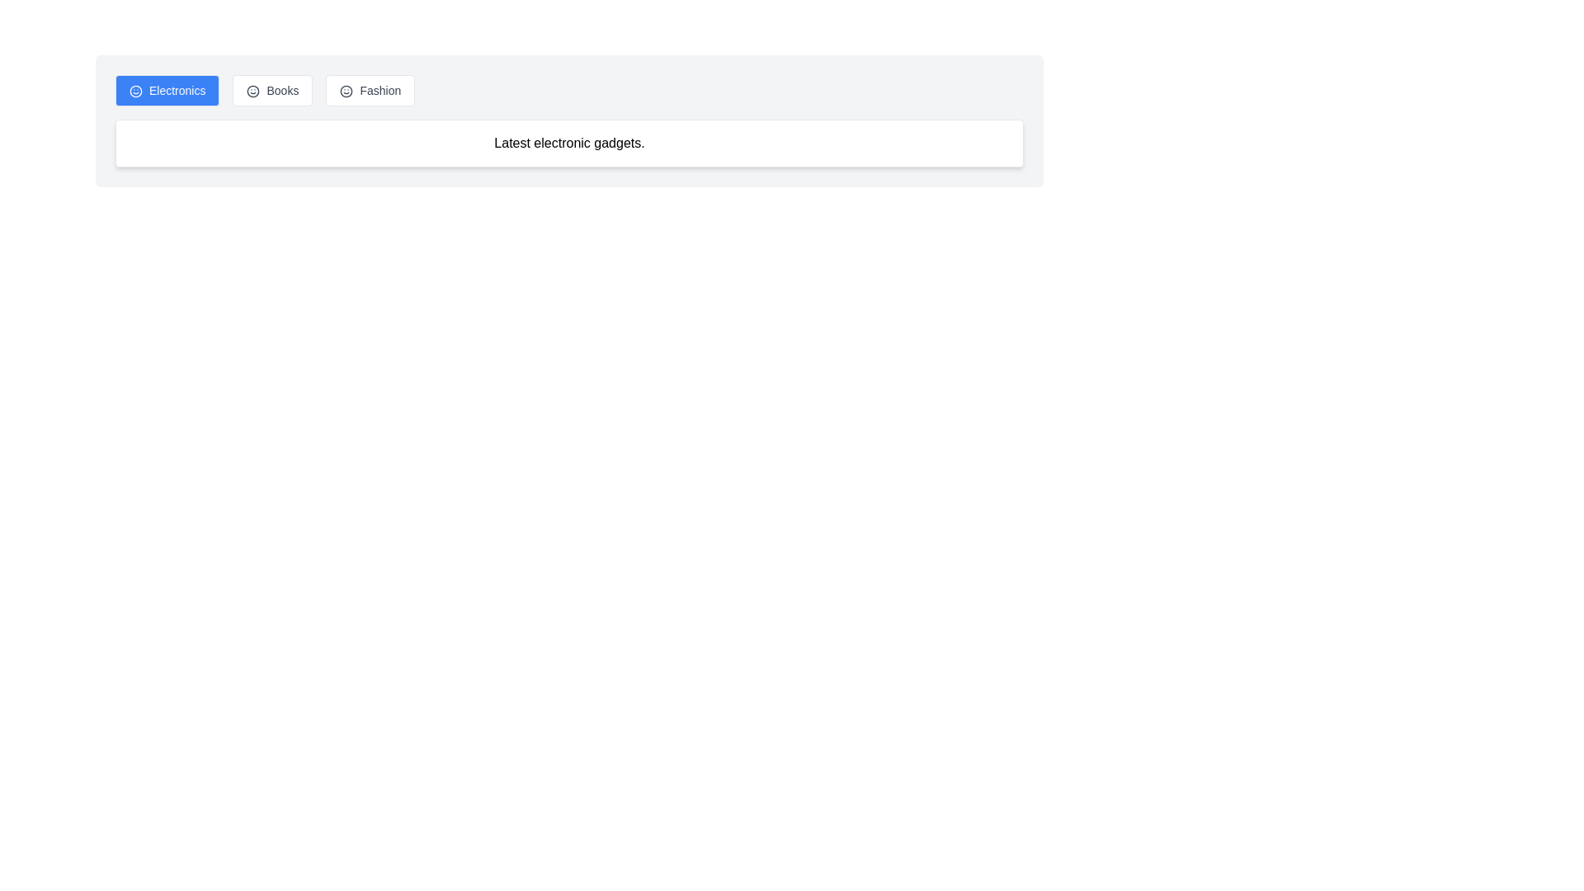  I want to click on the decorative icon within the 'Books' button, which is located between the 'Electronics' and 'Fashion' buttons, so click(252, 92).